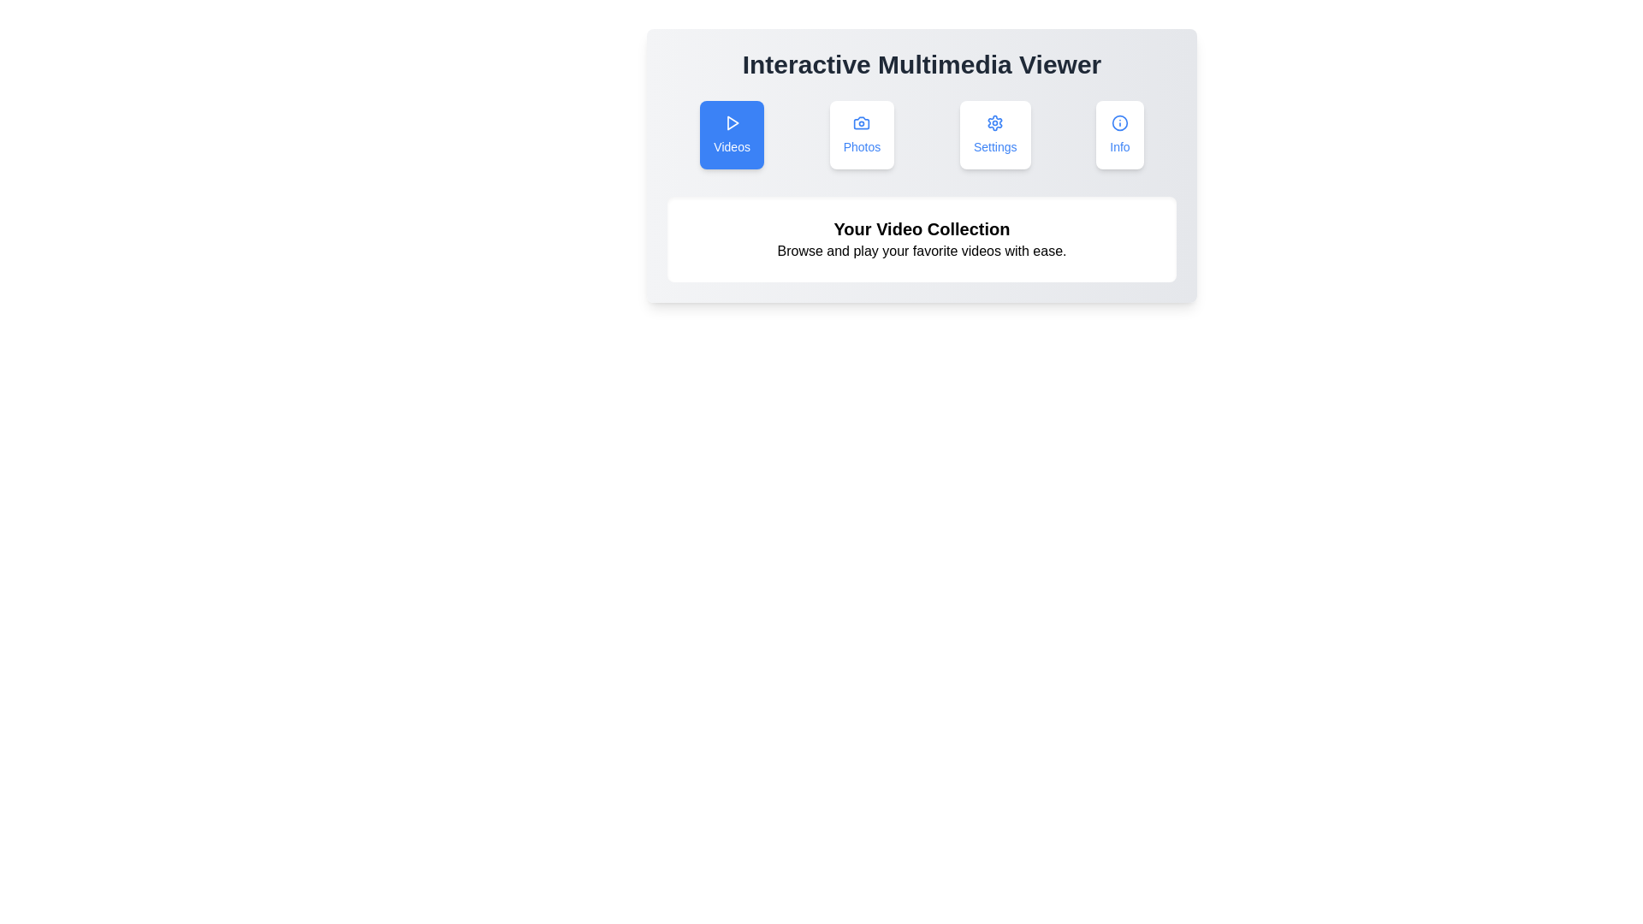 This screenshot has height=924, width=1643. What do you see at coordinates (733, 121) in the screenshot?
I see `the 'Videos' button icon, which is located centrally inside a blue rounded square button labeled 'Videos' in the upper section of the interface` at bounding box center [733, 121].